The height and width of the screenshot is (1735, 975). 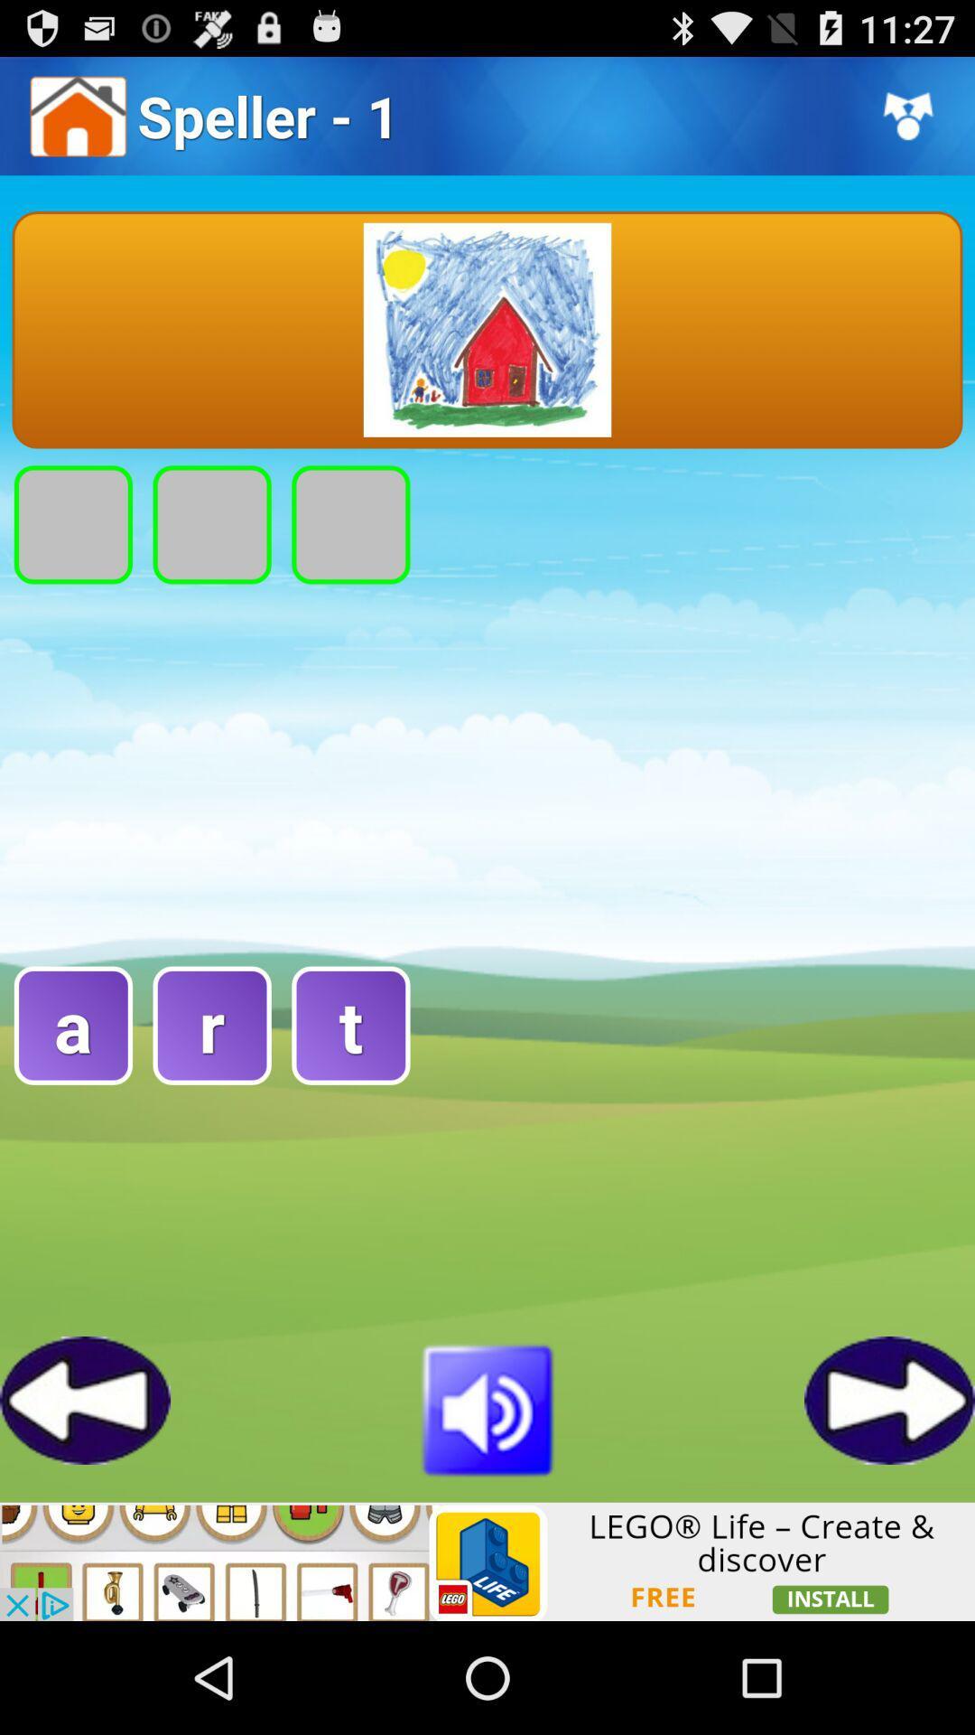 I want to click on icon left to the header text, so click(x=78, y=115).